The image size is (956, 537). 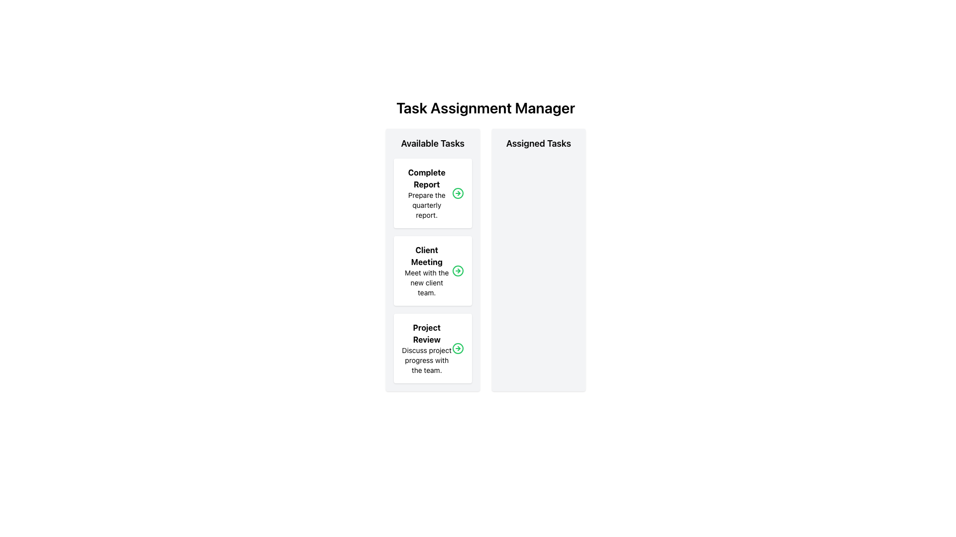 What do you see at coordinates (433, 144) in the screenshot?
I see `the 'Available Tasks' label text, which is styled with a bold font and larger size, located at the top-left corner of the task cards section` at bounding box center [433, 144].